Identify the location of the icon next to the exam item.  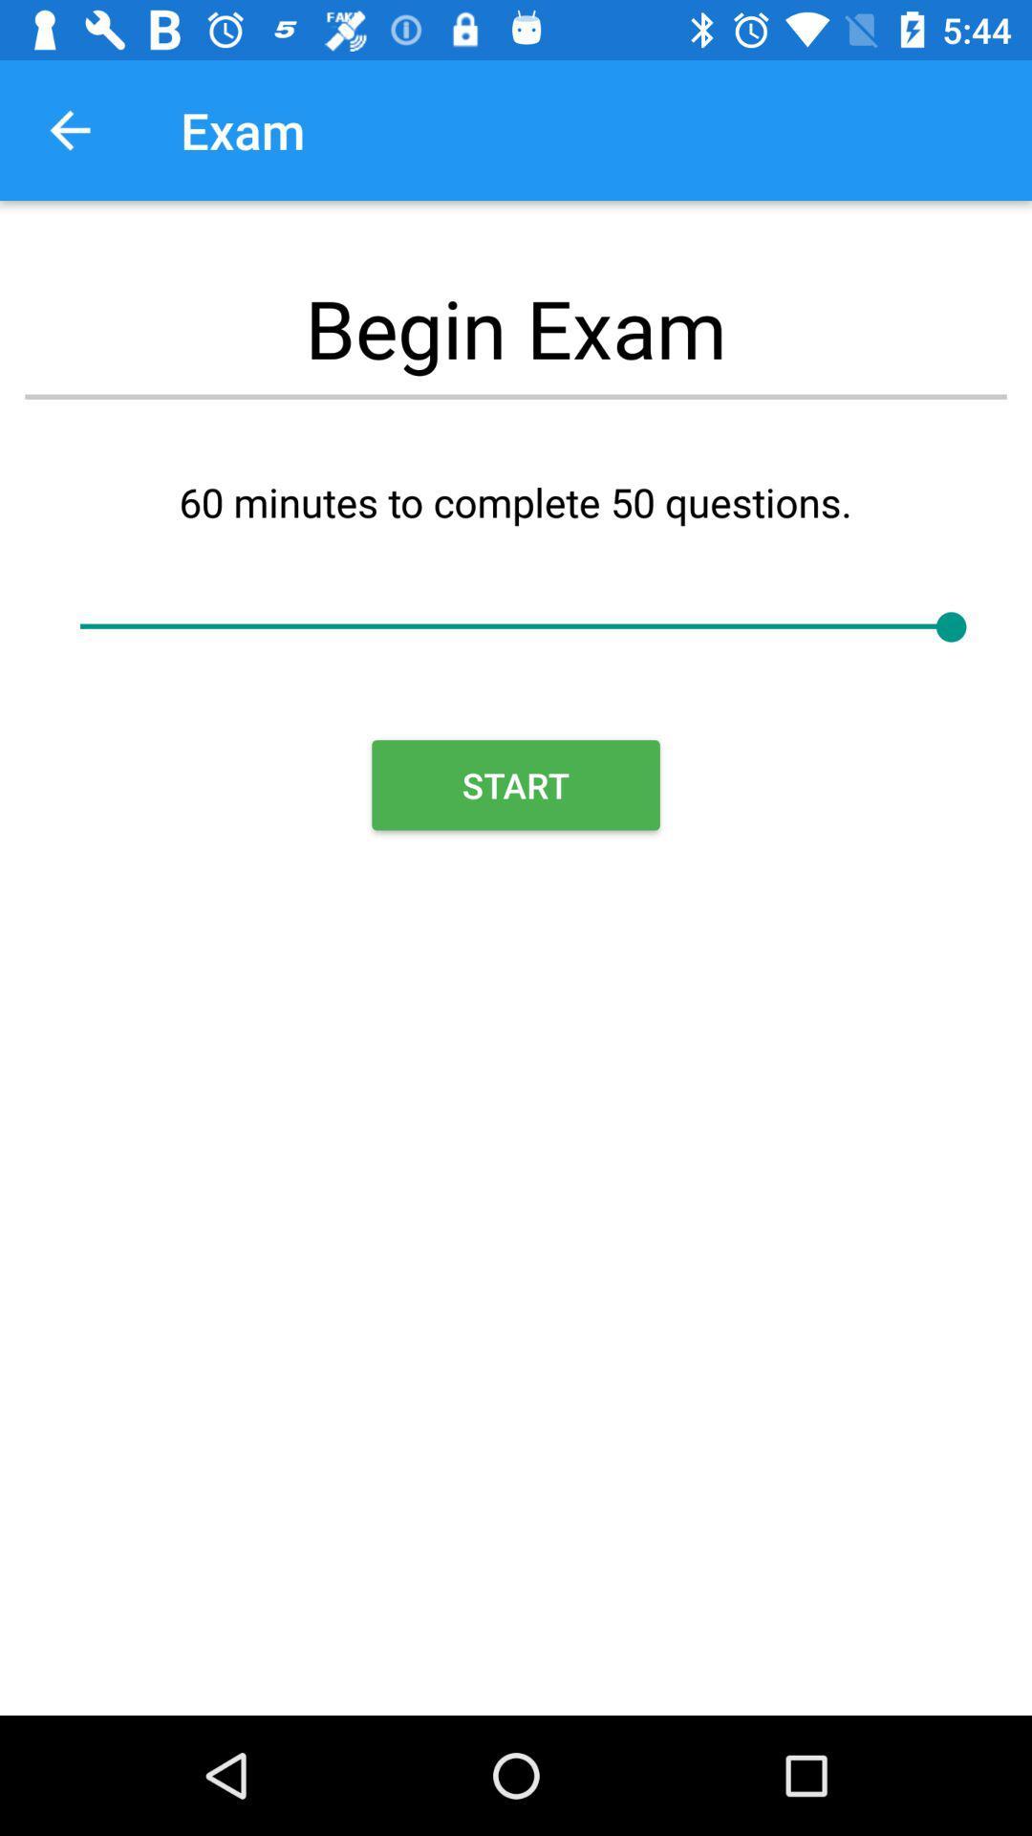
(69, 129).